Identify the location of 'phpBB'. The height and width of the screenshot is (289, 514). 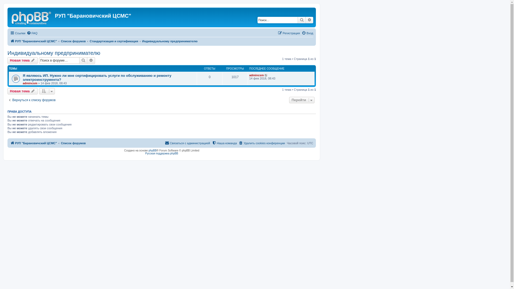
(152, 150).